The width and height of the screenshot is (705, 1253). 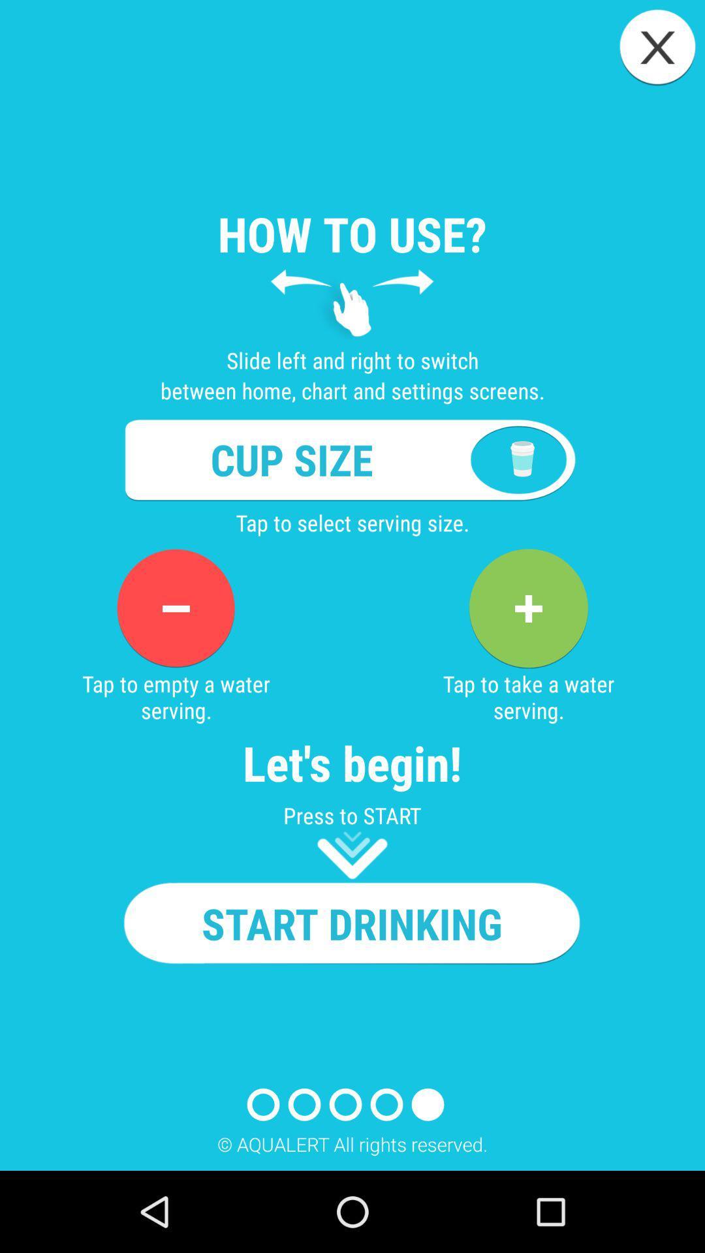 What do you see at coordinates (527, 608) in the screenshot?
I see `the icon next to the tap to empty item` at bounding box center [527, 608].